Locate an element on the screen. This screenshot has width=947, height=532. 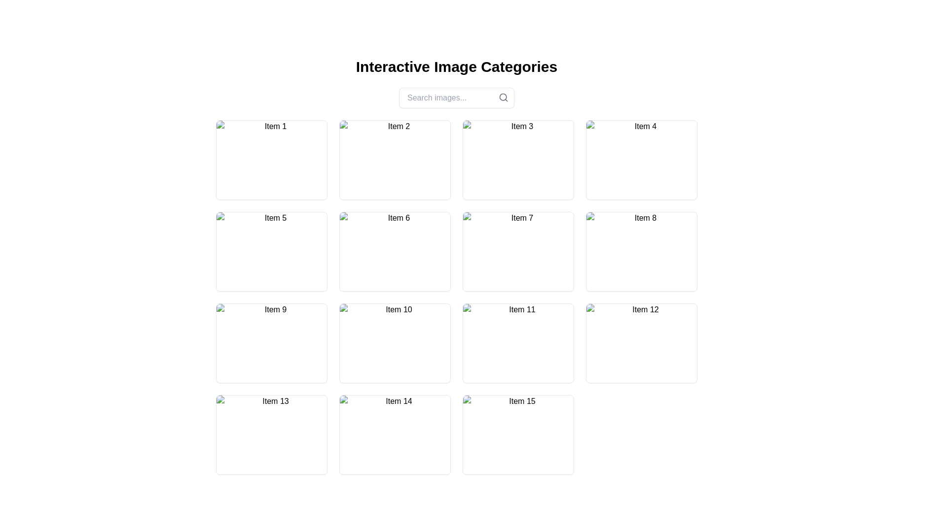
the visual card component displaying 'Item 11', which is a rectangular card with rounded corners and a placeholder image at the top left is located at coordinates (518, 343).